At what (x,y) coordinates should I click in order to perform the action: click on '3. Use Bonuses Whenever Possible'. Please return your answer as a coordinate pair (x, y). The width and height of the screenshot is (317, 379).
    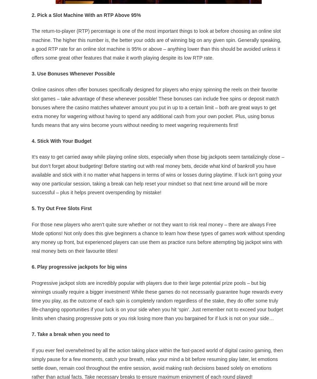
    Looking at the image, I should click on (73, 73).